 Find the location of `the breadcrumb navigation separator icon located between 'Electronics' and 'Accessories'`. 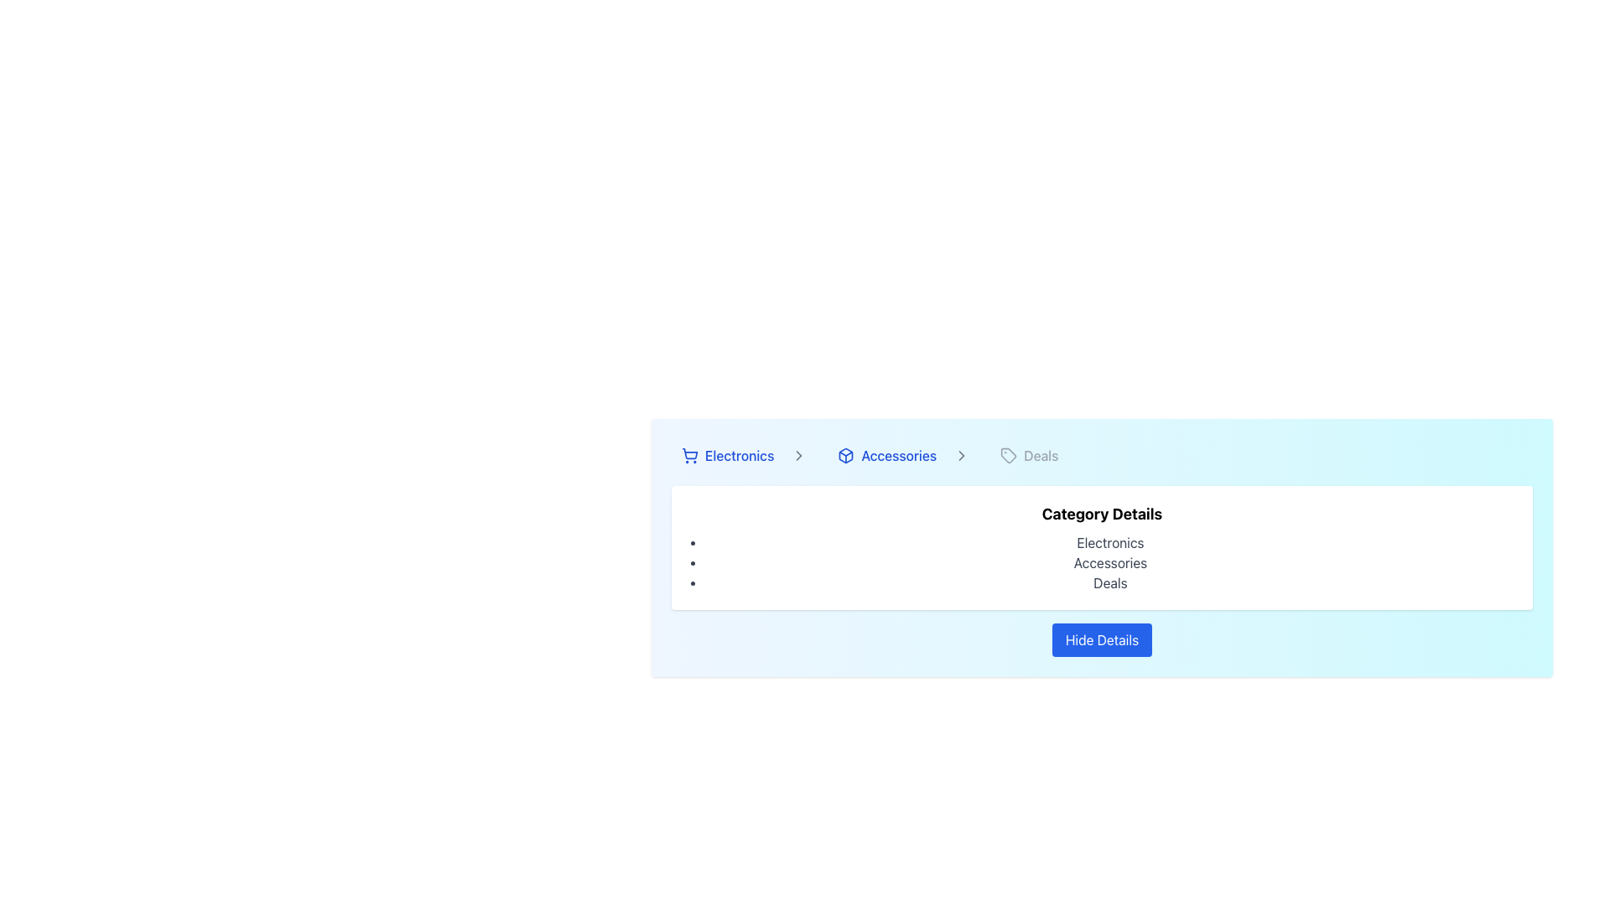

the breadcrumb navigation separator icon located between 'Electronics' and 'Accessories' is located at coordinates (798, 455).